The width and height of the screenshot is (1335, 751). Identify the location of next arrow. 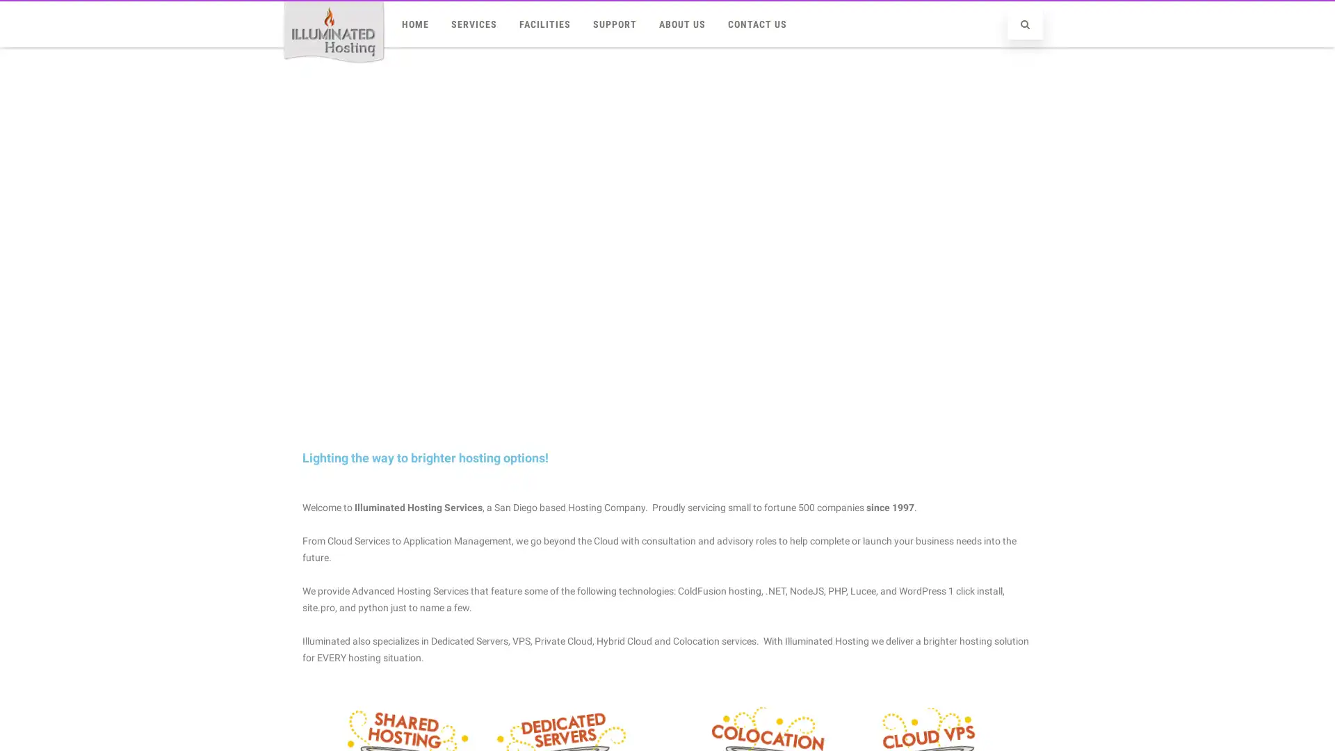
(1313, 255).